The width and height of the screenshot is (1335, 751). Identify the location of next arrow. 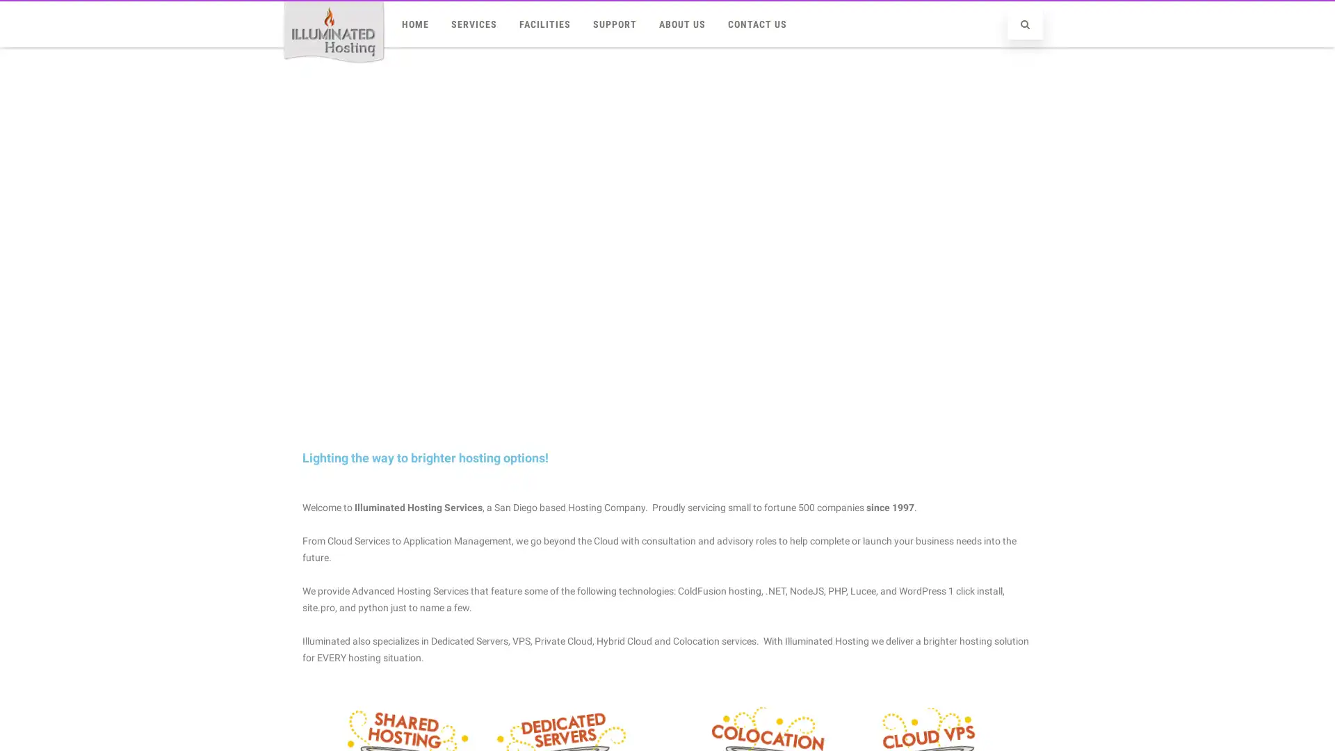
(1313, 255).